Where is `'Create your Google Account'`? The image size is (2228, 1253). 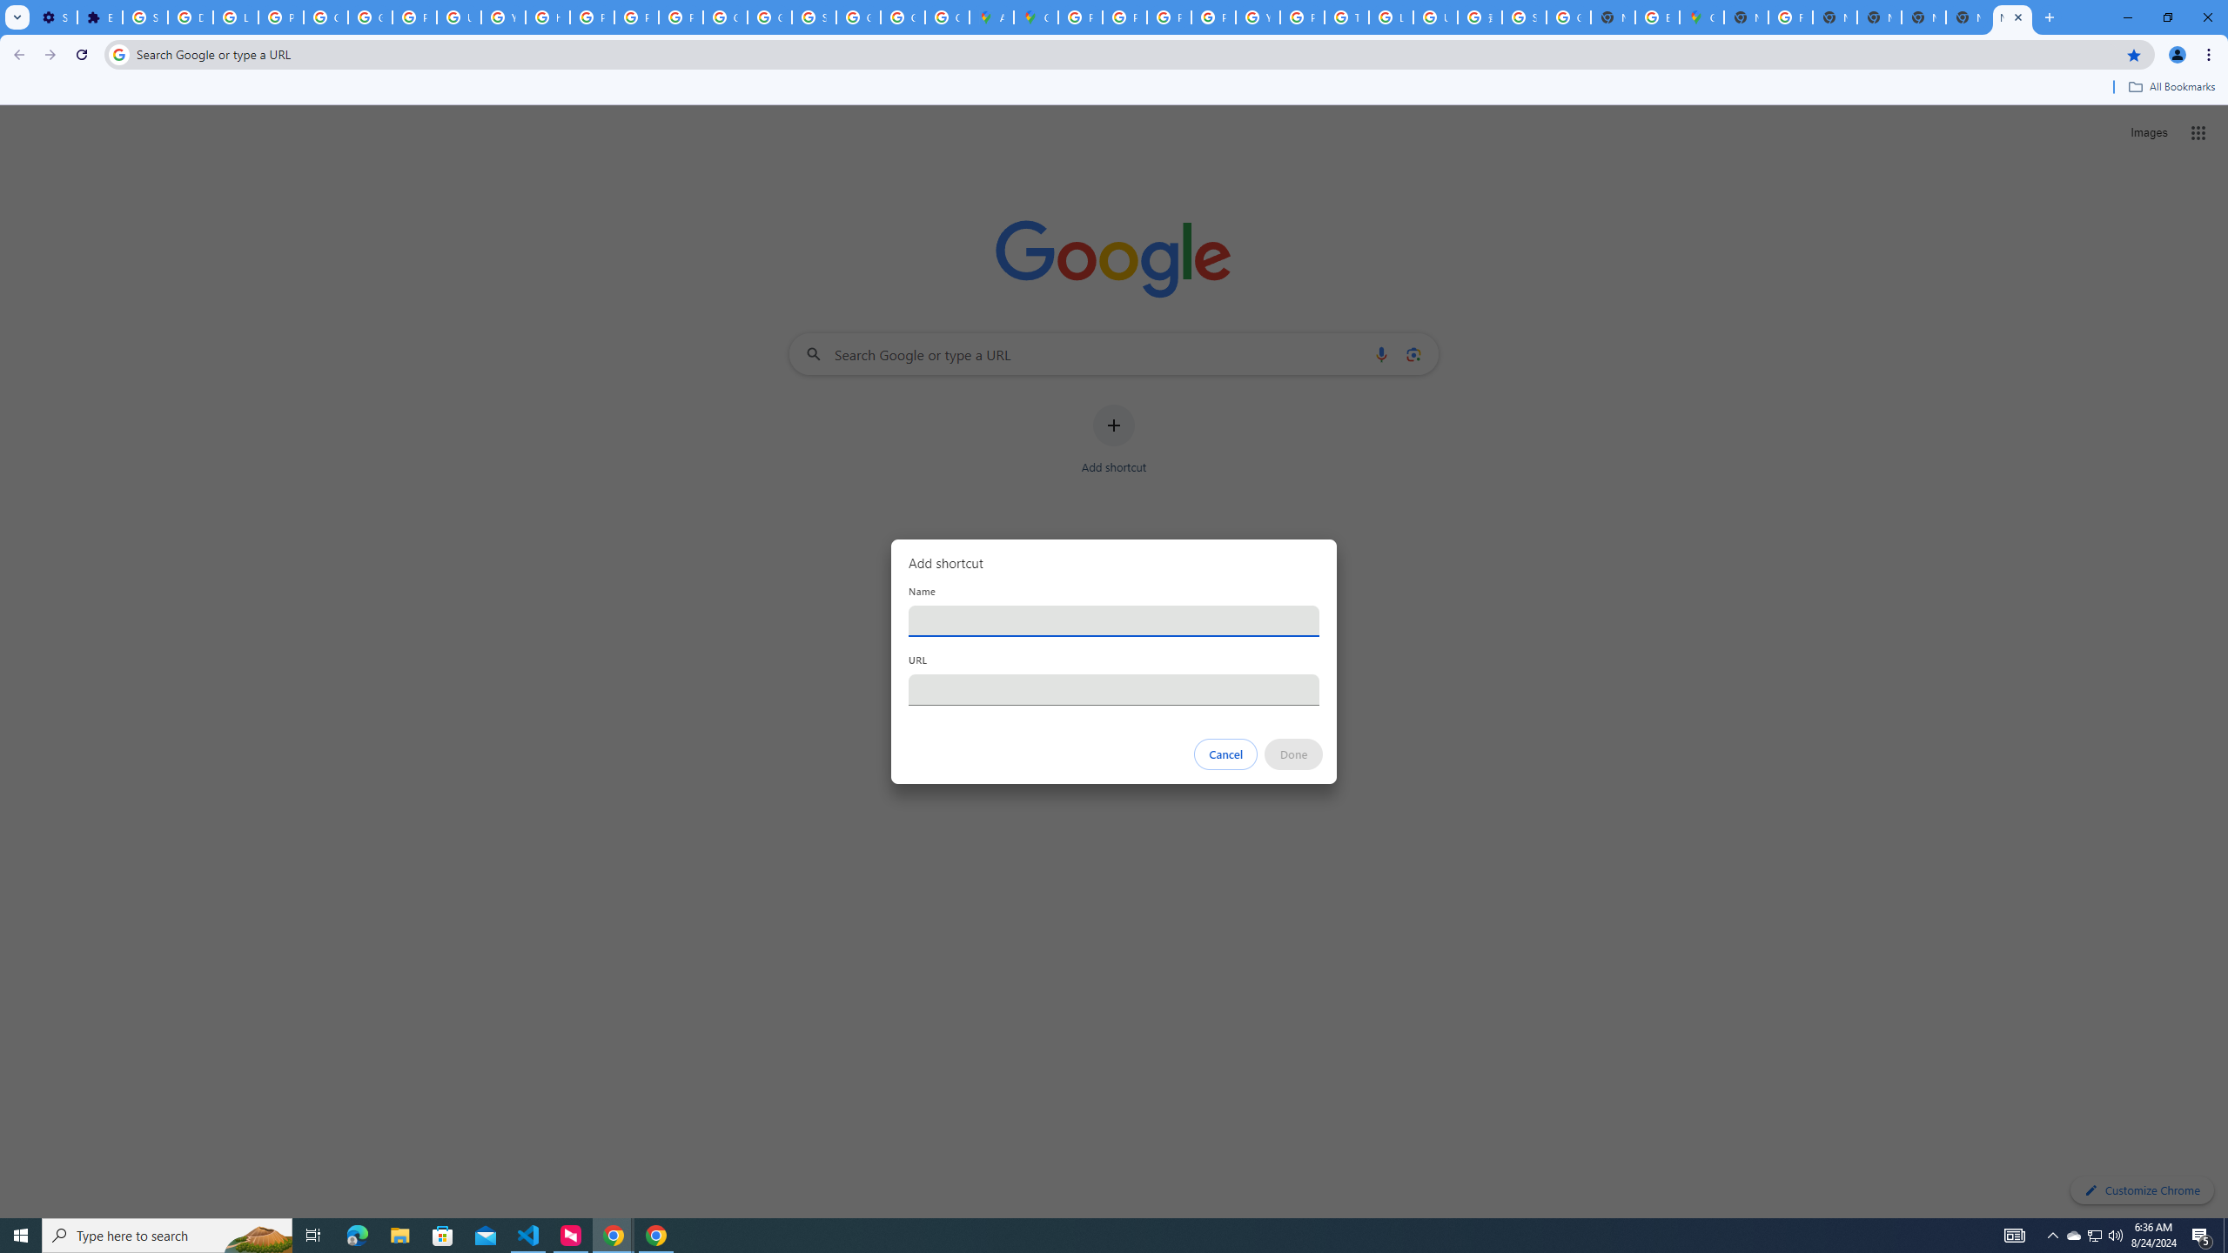 'Create your Google Account' is located at coordinates (947, 17).